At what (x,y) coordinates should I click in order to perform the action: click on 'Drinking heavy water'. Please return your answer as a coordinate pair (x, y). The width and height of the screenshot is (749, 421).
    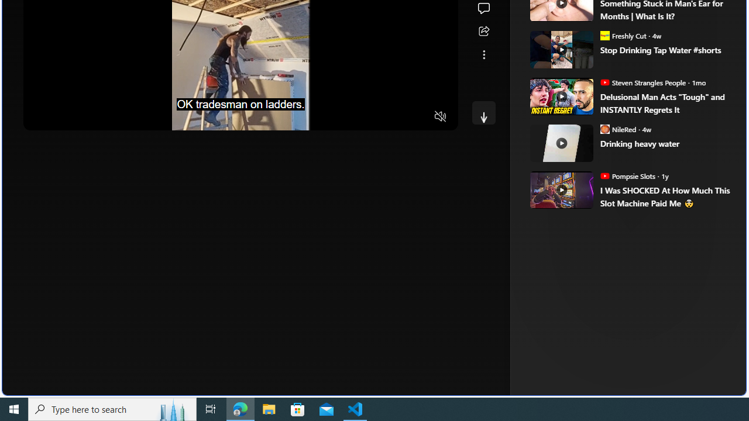
    Looking at the image, I should click on (665, 143).